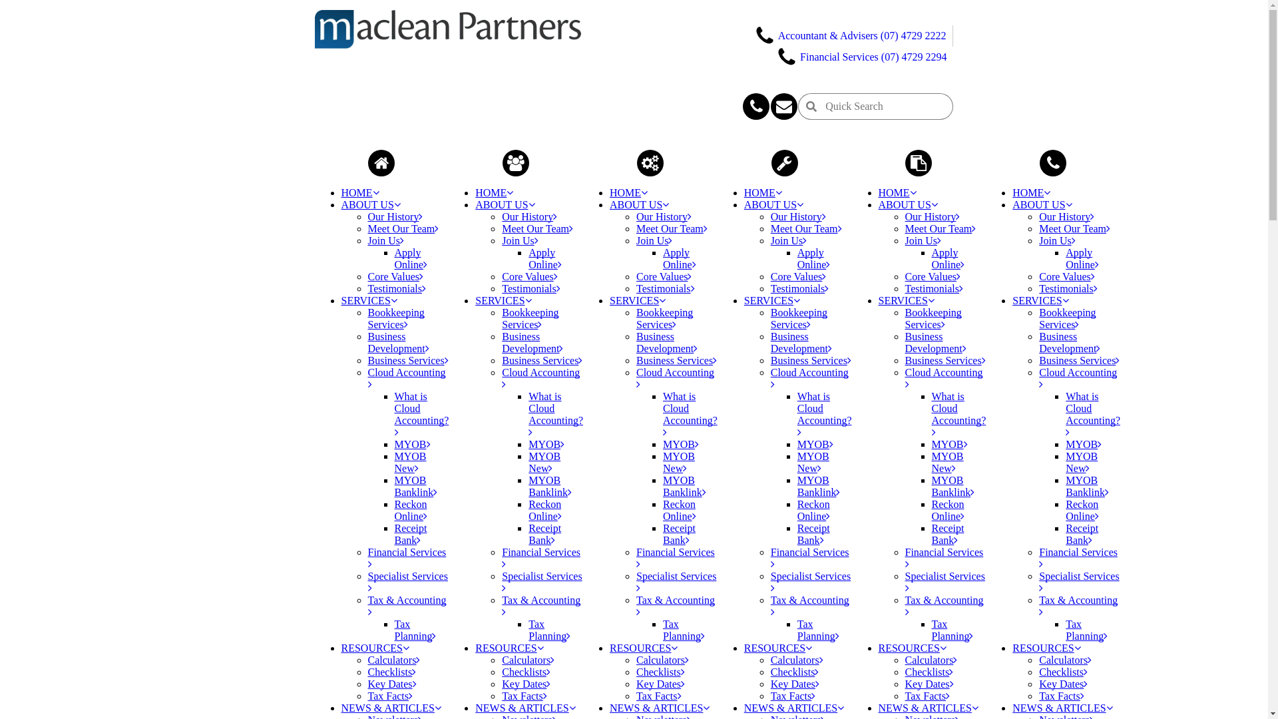 The width and height of the screenshot is (1278, 719). I want to click on 'What is Cloud Accounting?', so click(823, 413).